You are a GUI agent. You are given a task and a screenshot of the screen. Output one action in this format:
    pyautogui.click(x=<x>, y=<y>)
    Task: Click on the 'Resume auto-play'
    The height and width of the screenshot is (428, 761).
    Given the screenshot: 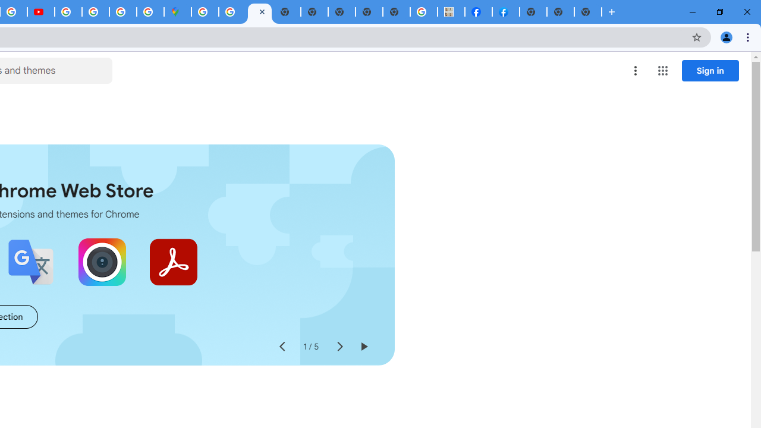 What is the action you would take?
    pyautogui.click(x=363, y=347)
    